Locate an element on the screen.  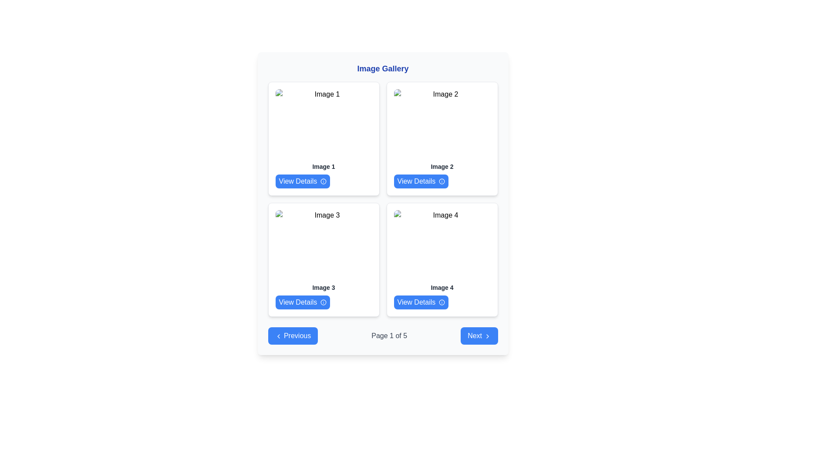
the 'Next' button located in the bottom-right corner of the navigation section is located at coordinates (479, 335).